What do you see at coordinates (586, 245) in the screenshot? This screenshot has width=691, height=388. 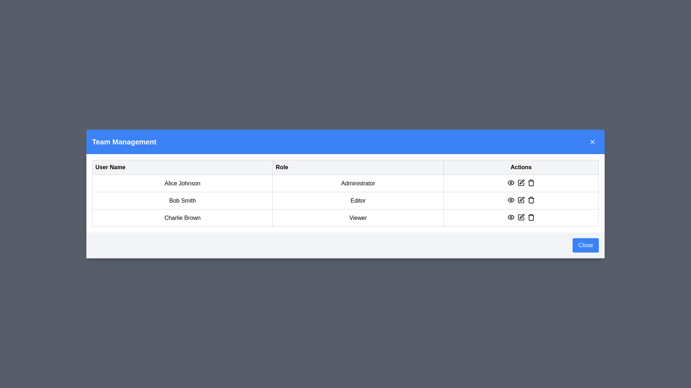 I see `the rectangular button with a blue background and white text reading 'Close' located at the bottom-right corner of the modal` at bounding box center [586, 245].